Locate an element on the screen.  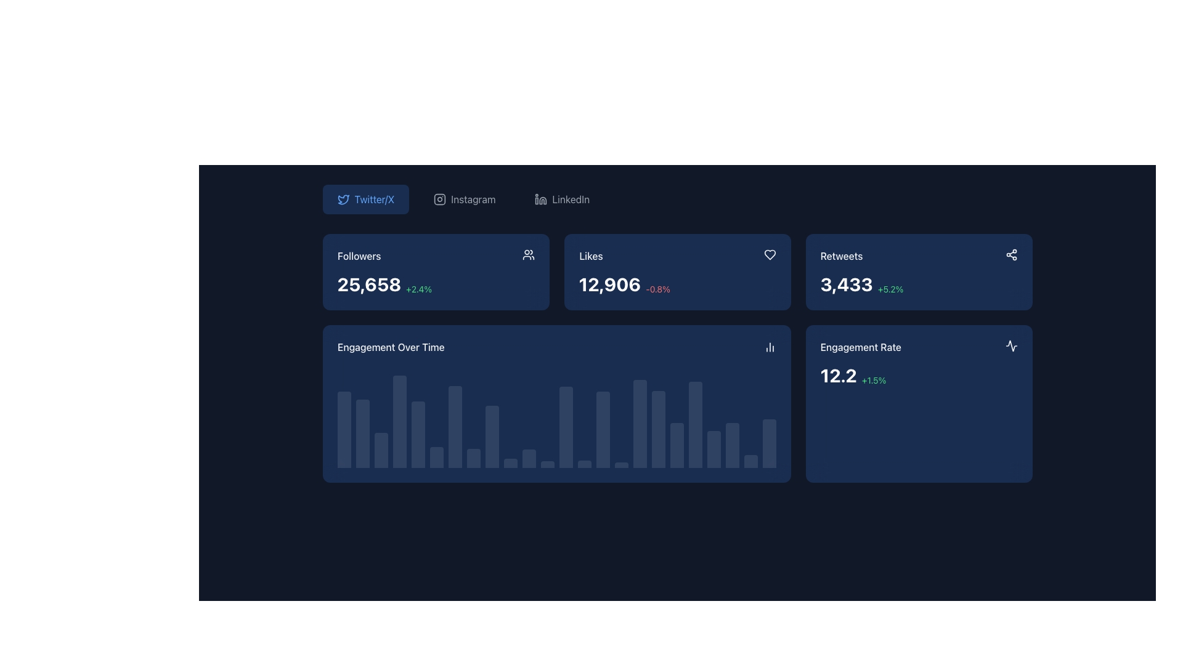
the data point details of the fourth Chart Bar in the 'Engagement Over Time' bar chart, which is a vertical bar with rounded top edges and semi-transparent white color is located at coordinates (399, 421).